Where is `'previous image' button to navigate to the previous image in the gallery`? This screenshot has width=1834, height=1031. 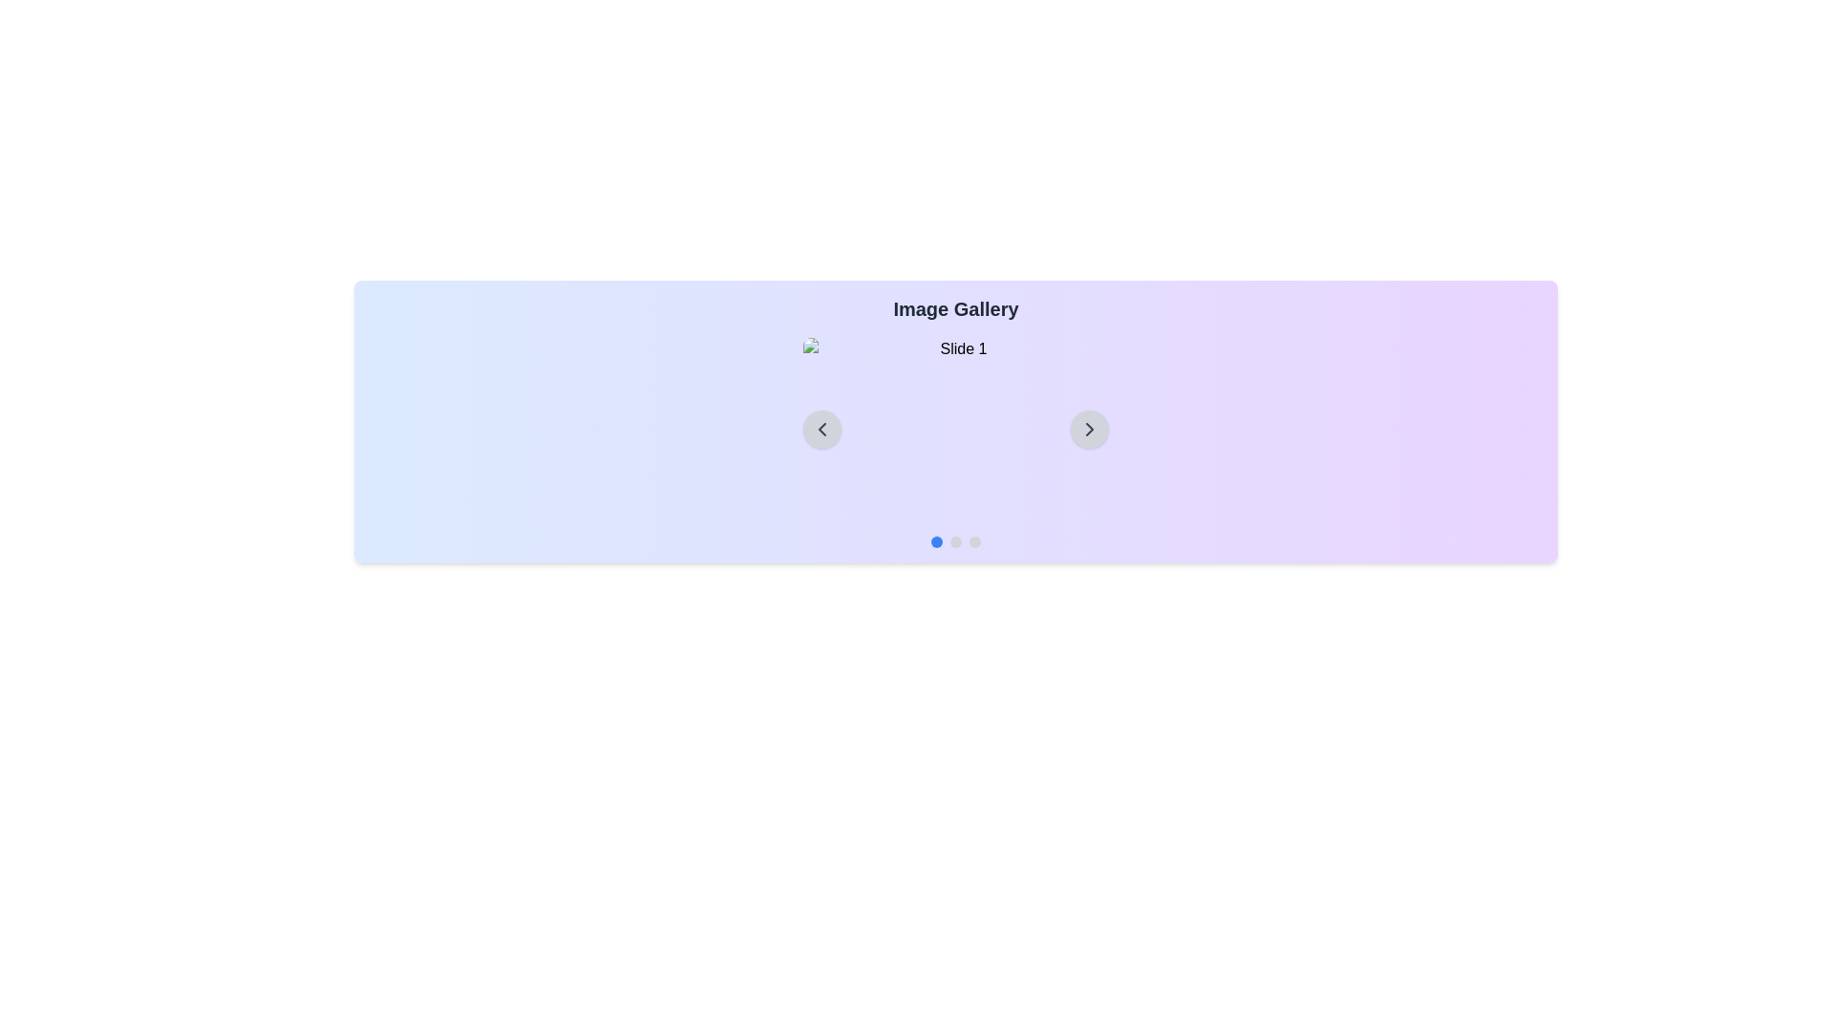
'previous image' button to navigate to the previous image in the gallery is located at coordinates (821, 430).